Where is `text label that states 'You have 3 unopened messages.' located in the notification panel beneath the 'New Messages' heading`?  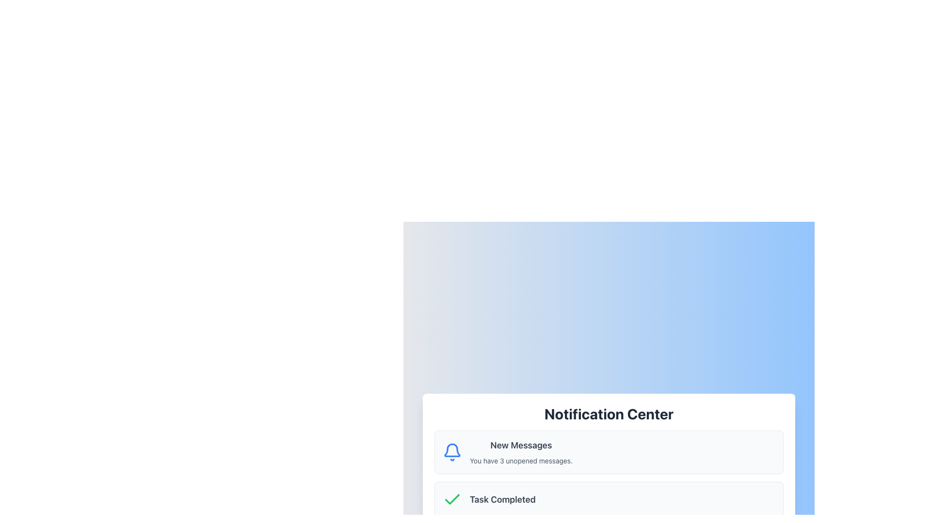 text label that states 'You have 3 unopened messages.' located in the notification panel beneath the 'New Messages' heading is located at coordinates (521, 461).